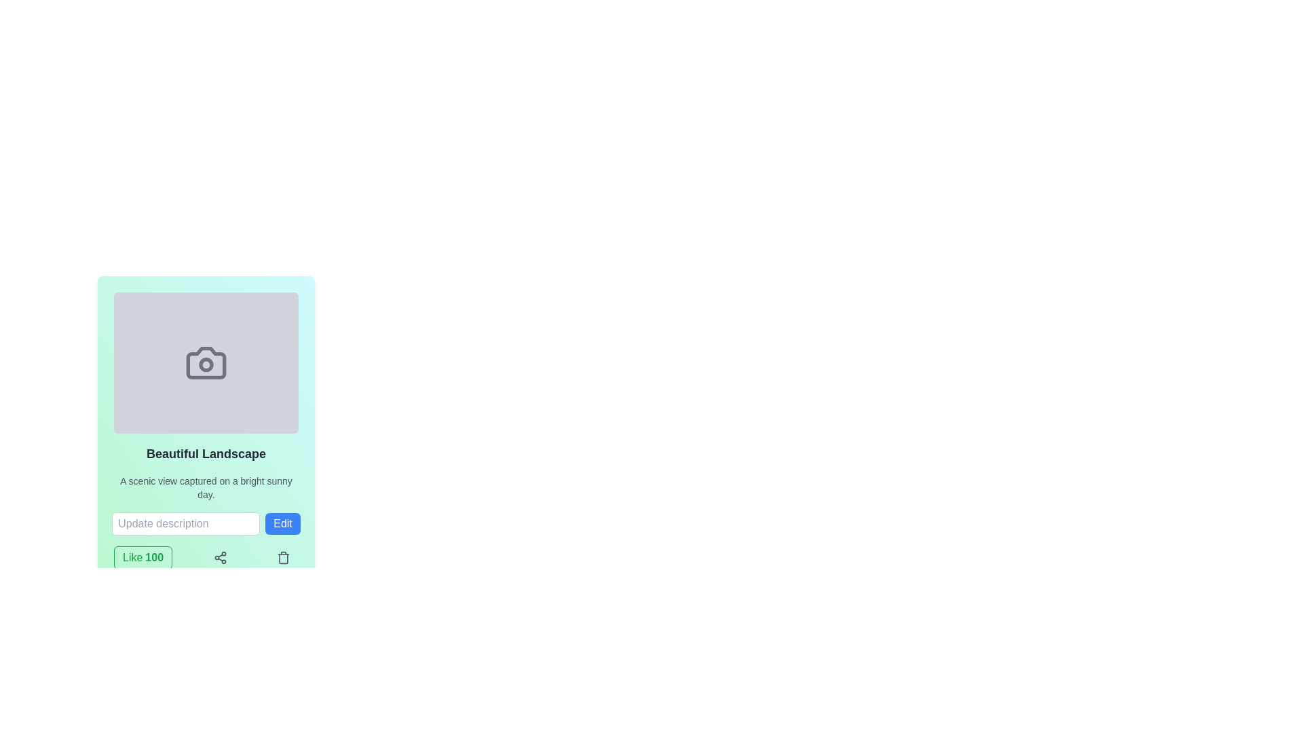 Image resolution: width=1303 pixels, height=733 pixels. I want to click on the camera lens icon located at the center of the camera icon within the rectangular frame of the card titled 'Beautiful Landscape', so click(205, 363).